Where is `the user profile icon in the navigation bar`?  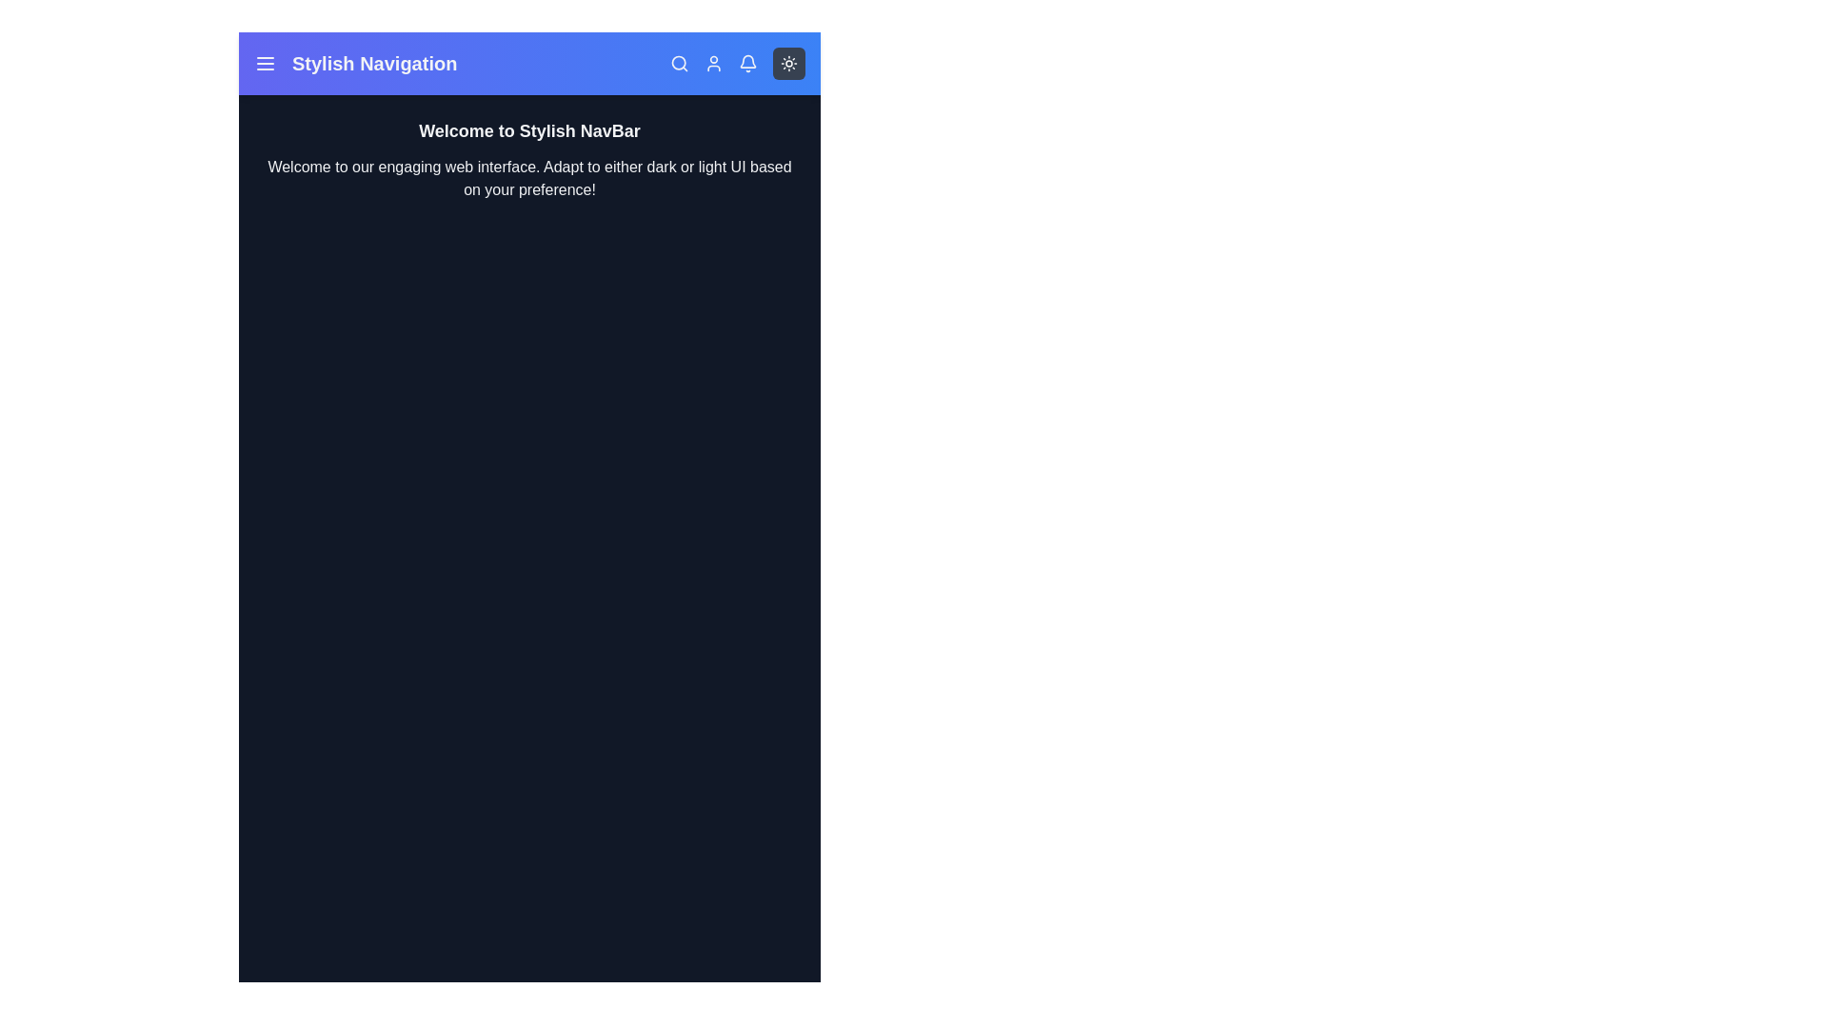
the user profile icon in the navigation bar is located at coordinates (712, 62).